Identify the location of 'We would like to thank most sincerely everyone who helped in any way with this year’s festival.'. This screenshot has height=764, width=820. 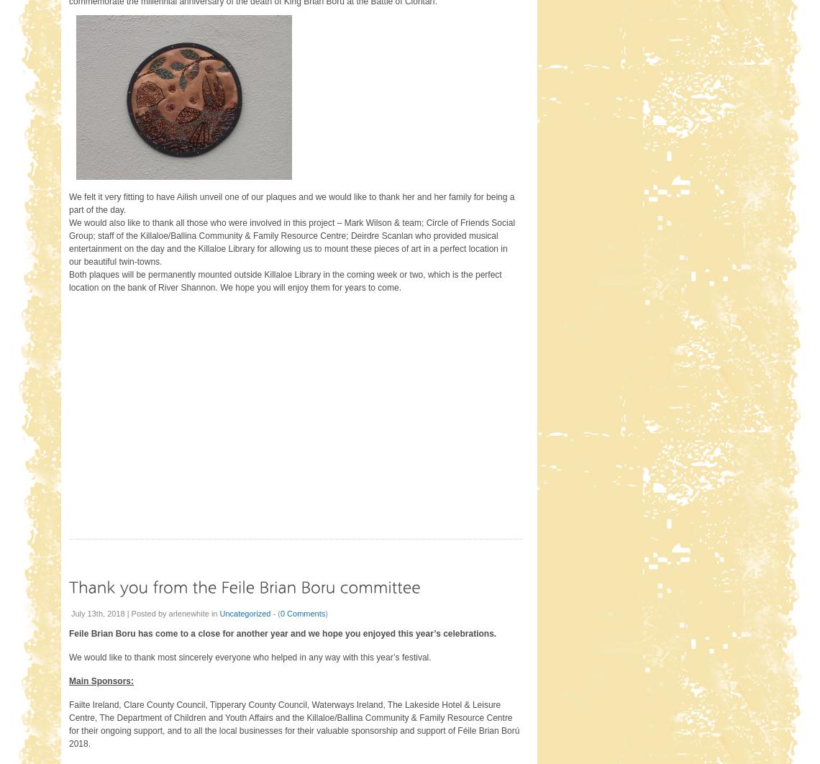
(250, 656).